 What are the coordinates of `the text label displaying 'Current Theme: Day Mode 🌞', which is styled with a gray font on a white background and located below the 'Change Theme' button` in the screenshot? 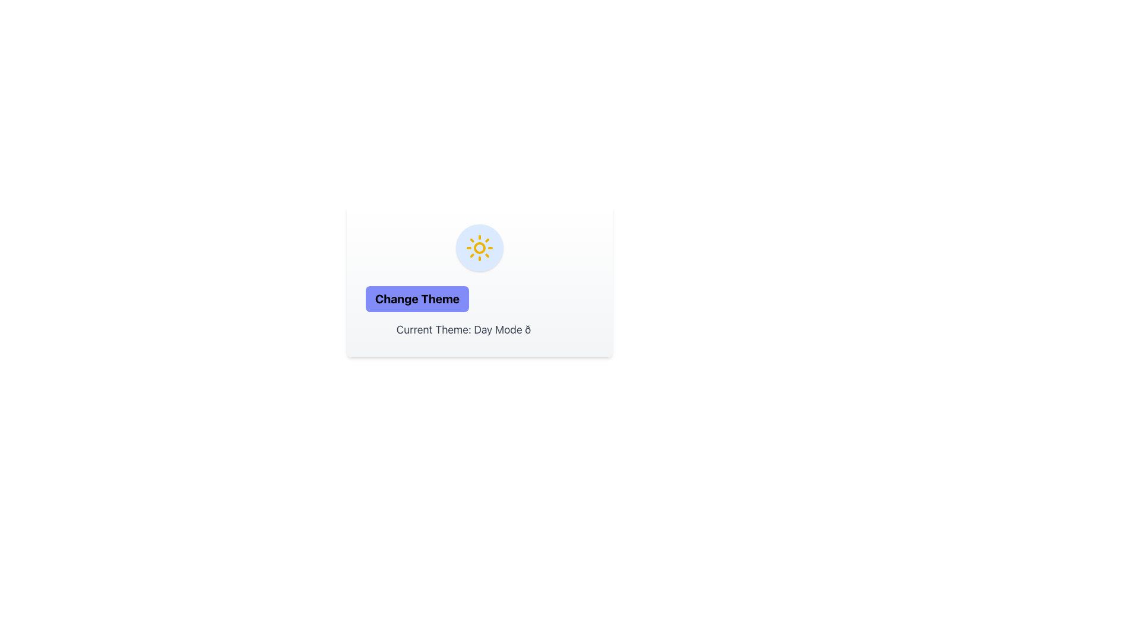 It's located at (479, 329).